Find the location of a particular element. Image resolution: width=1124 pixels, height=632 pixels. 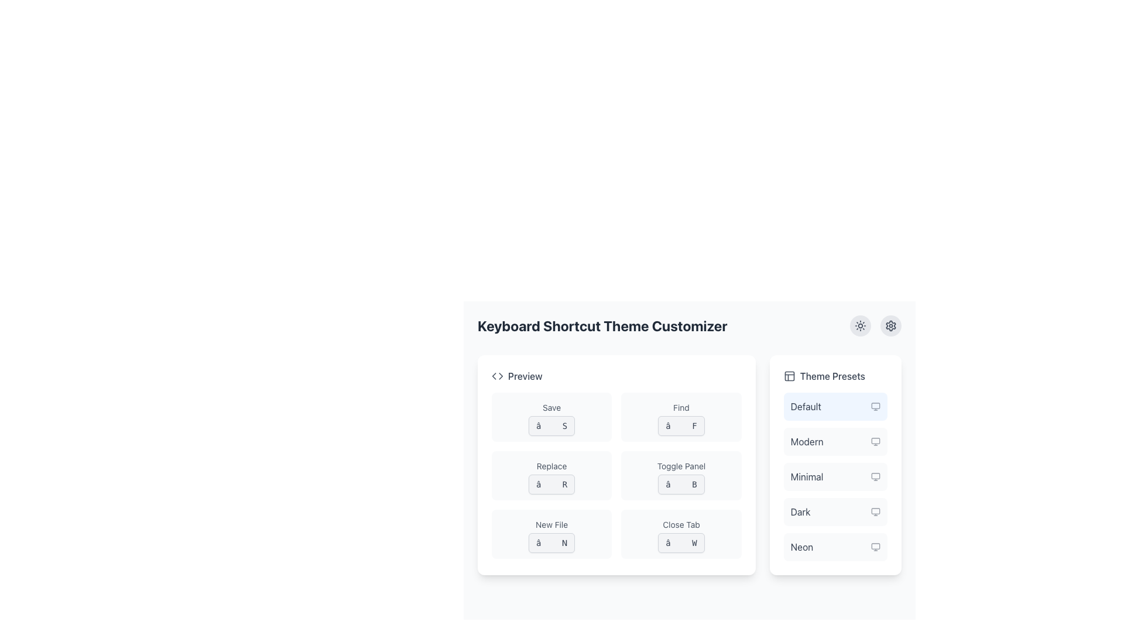

text label located on the right-hand side of the 'Theme Presets' section, which serves as a title for the theme options below is located at coordinates (832, 376).